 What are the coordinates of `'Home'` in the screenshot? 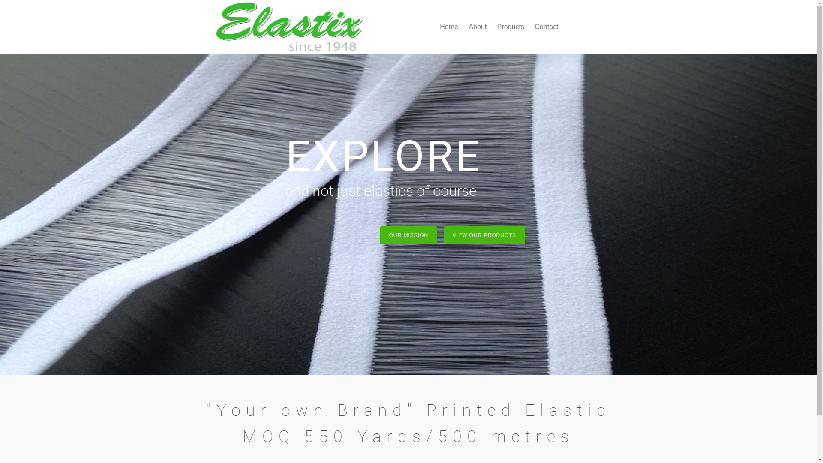 It's located at (448, 26).